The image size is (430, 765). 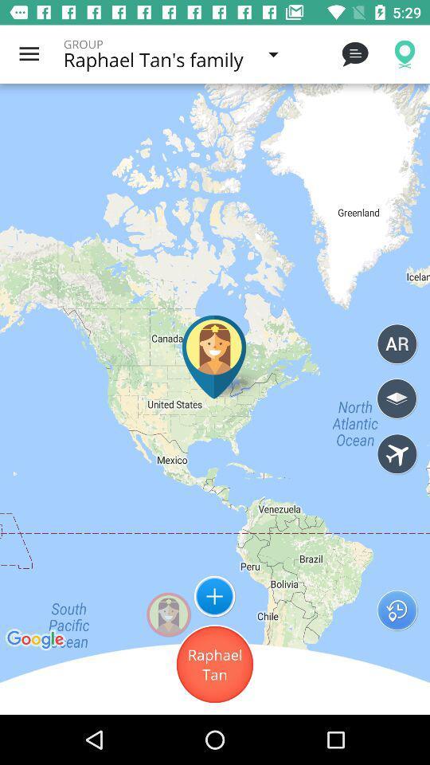 I want to click on the icon to the left of the group icon, so click(x=29, y=54).